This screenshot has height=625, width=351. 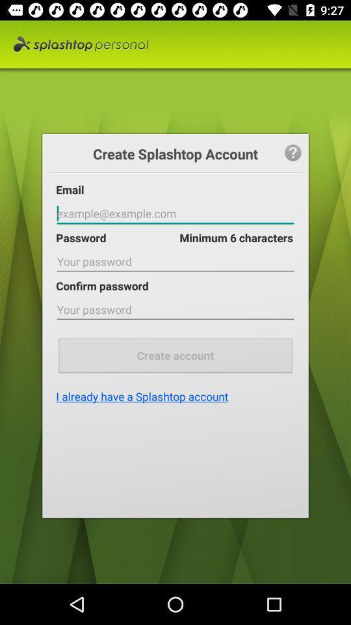 What do you see at coordinates (175, 214) in the screenshot?
I see `login` at bounding box center [175, 214].